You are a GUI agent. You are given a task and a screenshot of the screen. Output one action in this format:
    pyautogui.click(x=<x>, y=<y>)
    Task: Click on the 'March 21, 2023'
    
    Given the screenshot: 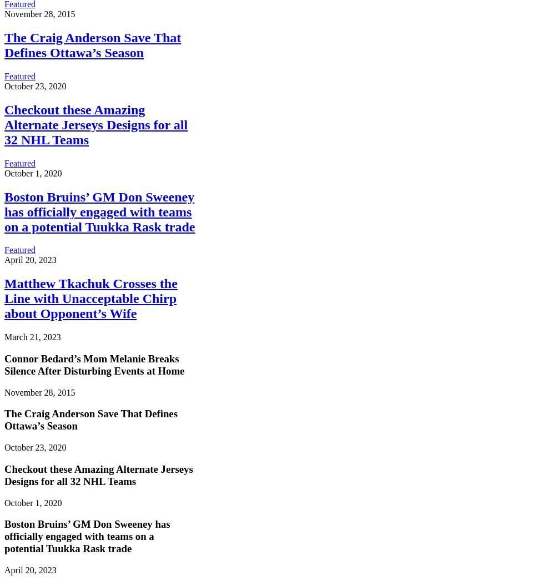 What is the action you would take?
    pyautogui.click(x=4, y=336)
    